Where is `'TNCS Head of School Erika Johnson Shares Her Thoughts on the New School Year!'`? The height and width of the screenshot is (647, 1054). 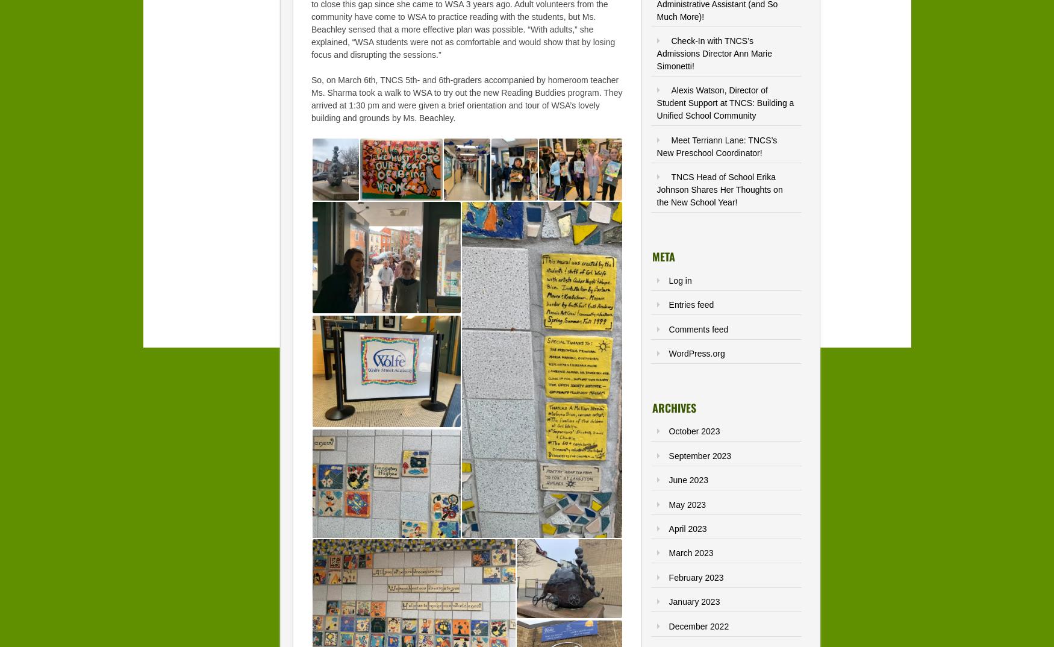 'TNCS Head of School Erika Johnson Shares Her Thoughts on the New School Year!' is located at coordinates (656, 190).